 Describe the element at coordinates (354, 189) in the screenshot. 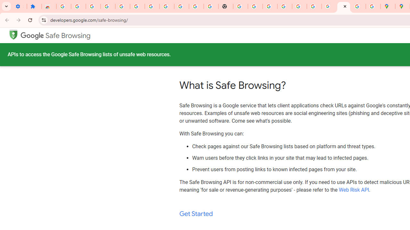

I see `'Web Risk API'` at that location.